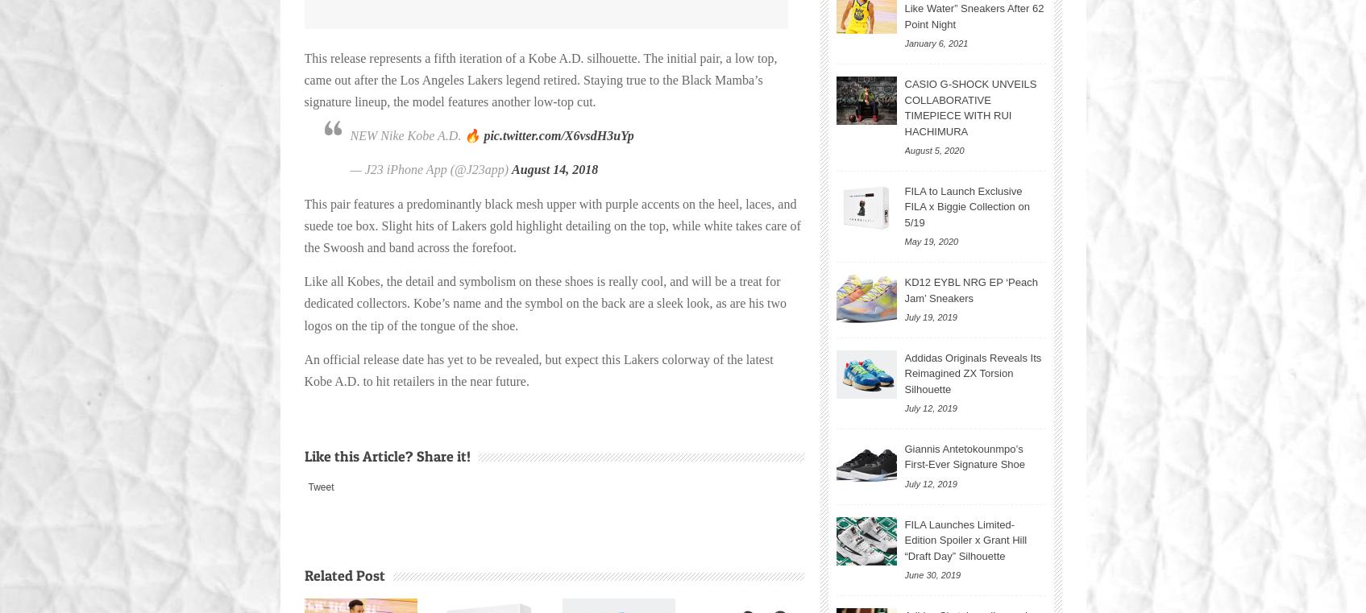  What do you see at coordinates (415, 135) in the screenshot?
I see `'NEW Nike Kobe A.D. 🔥'` at bounding box center [415, 135].